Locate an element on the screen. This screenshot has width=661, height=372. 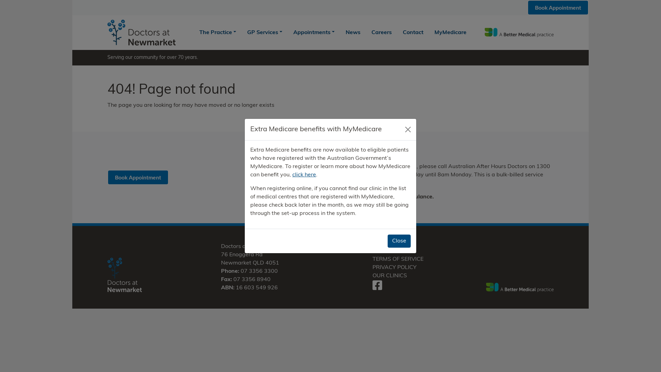
'Book Appointment' is located at coordinates (138, 177).